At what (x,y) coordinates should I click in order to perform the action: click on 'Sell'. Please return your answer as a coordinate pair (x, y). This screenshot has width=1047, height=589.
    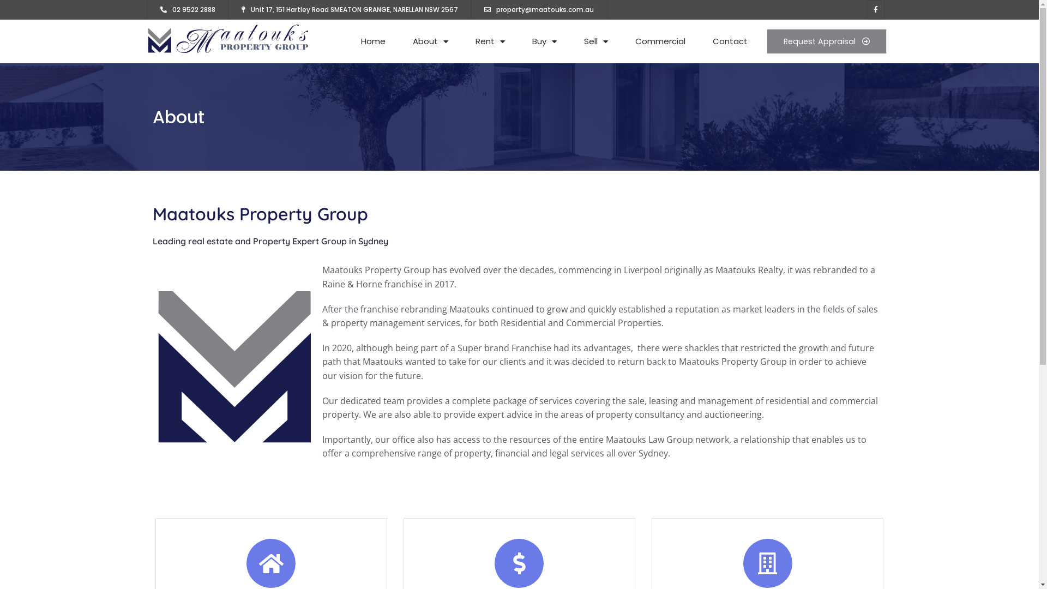
    Looking at the image, I should click on (573, 41).